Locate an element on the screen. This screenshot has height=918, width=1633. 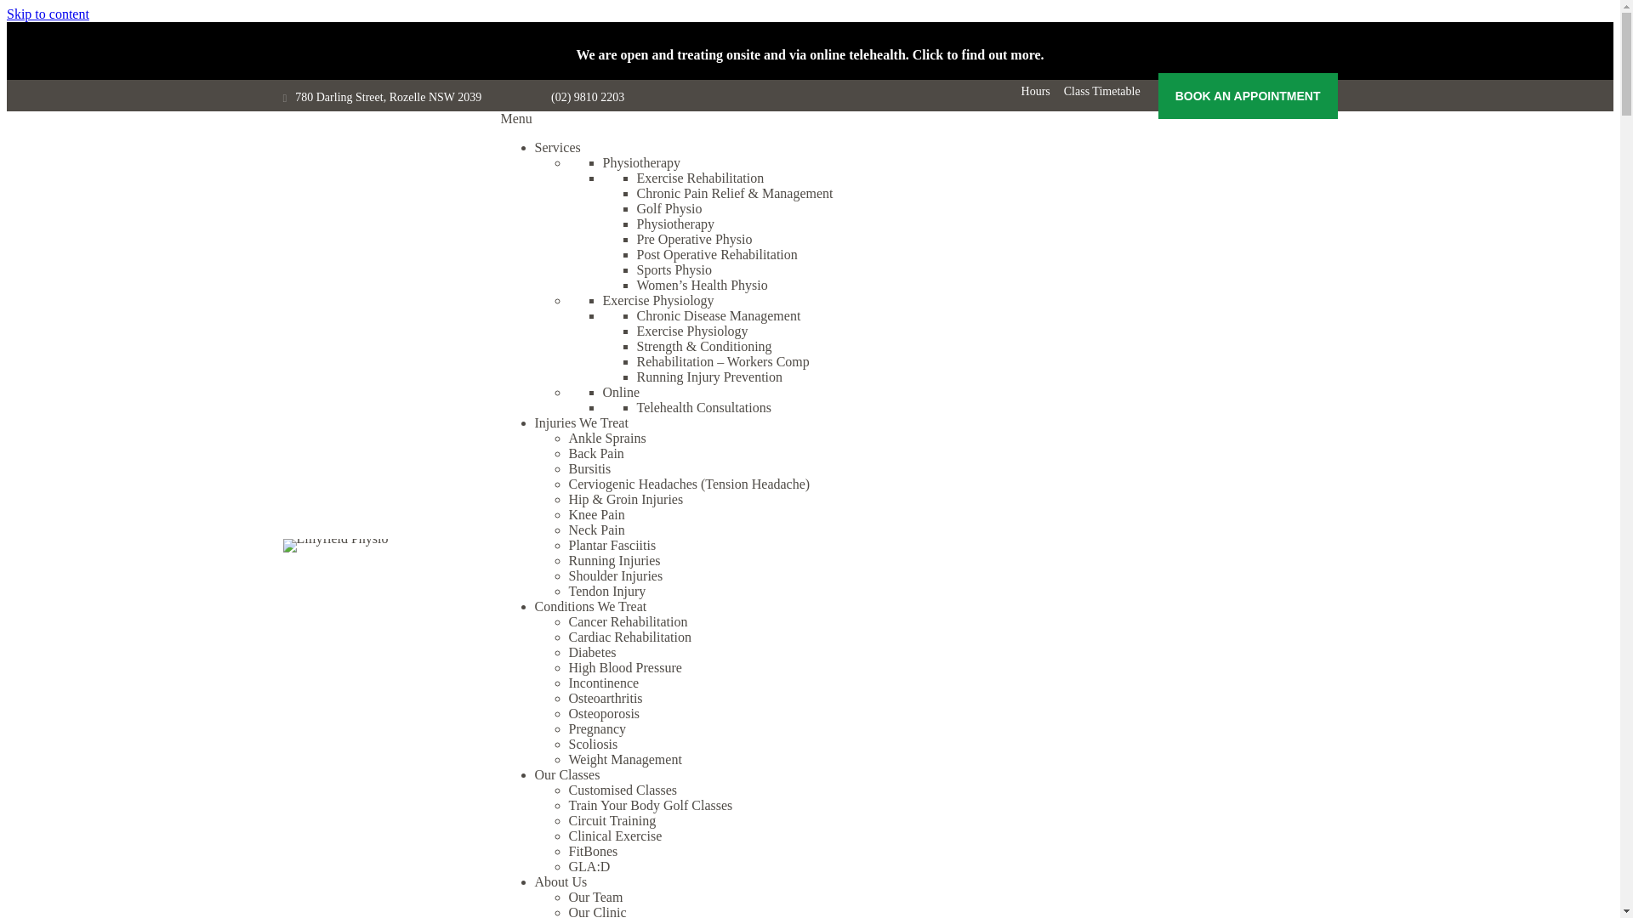
'Osteoarthritis' is located at coordinates (605, 698).